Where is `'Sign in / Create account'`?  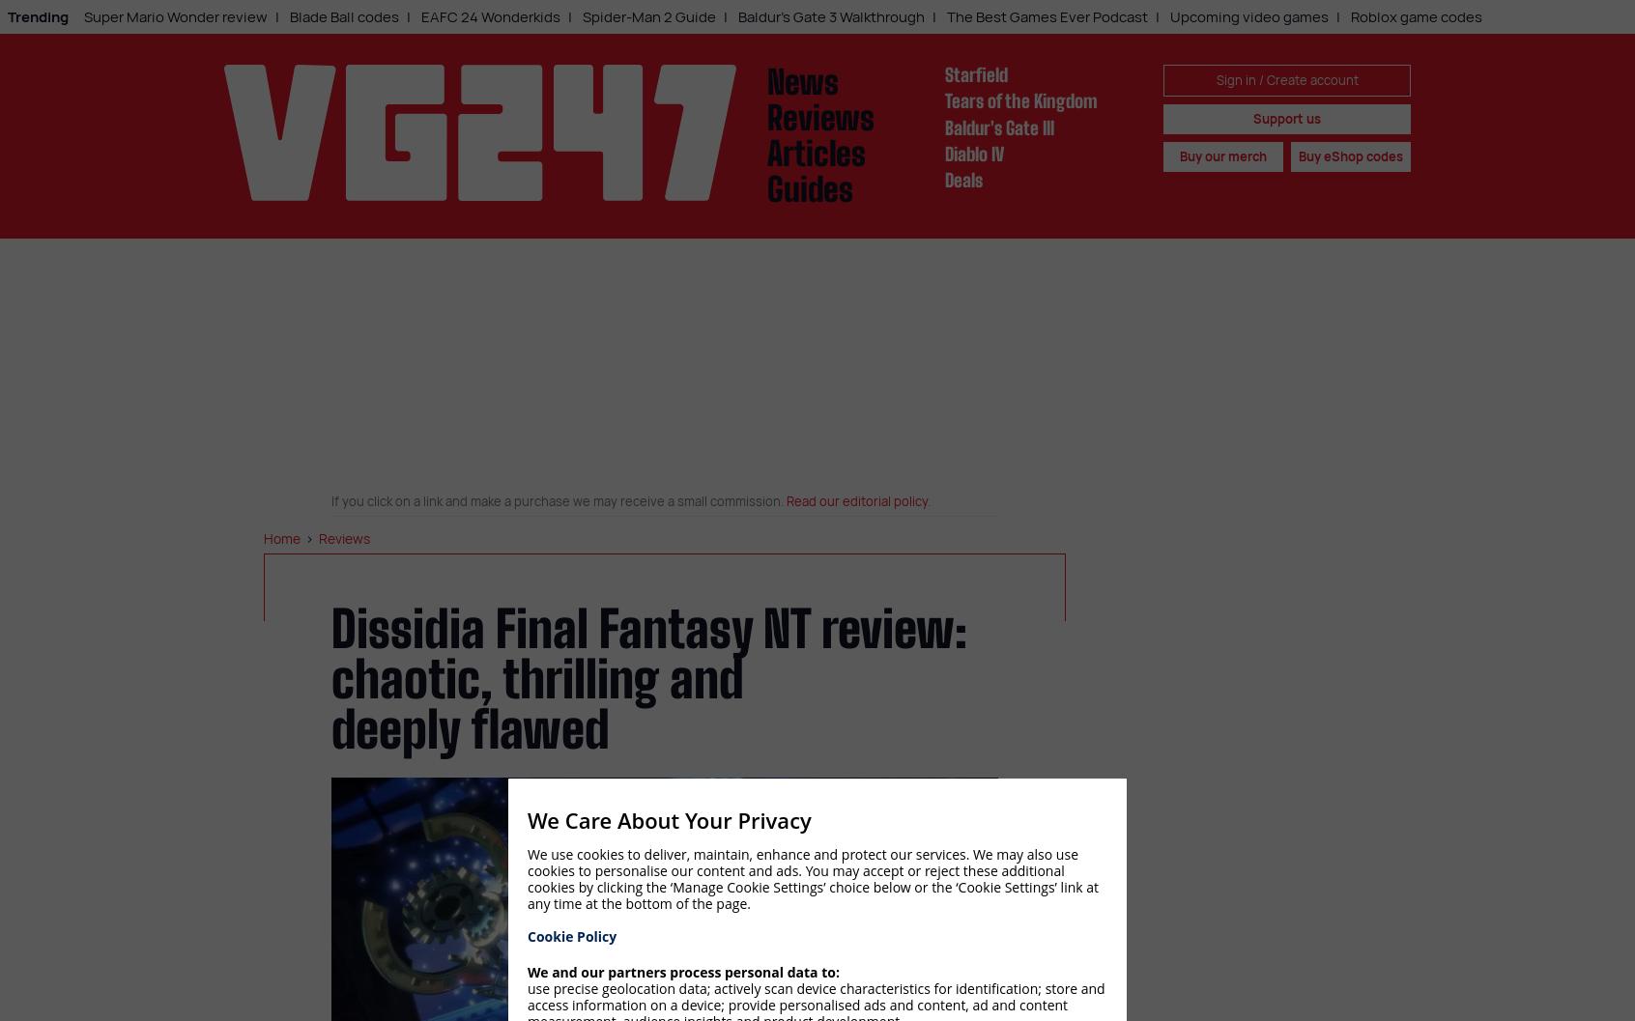 'Sign in / Create account' is located at coordinates (1216, 78).